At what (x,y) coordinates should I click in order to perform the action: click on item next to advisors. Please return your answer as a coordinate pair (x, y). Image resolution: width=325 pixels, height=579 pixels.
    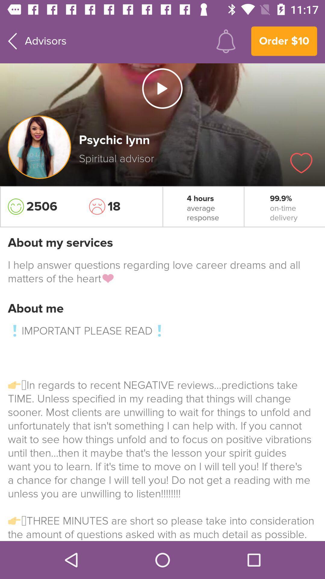
    Looking at the image, I should click on (226, 41).